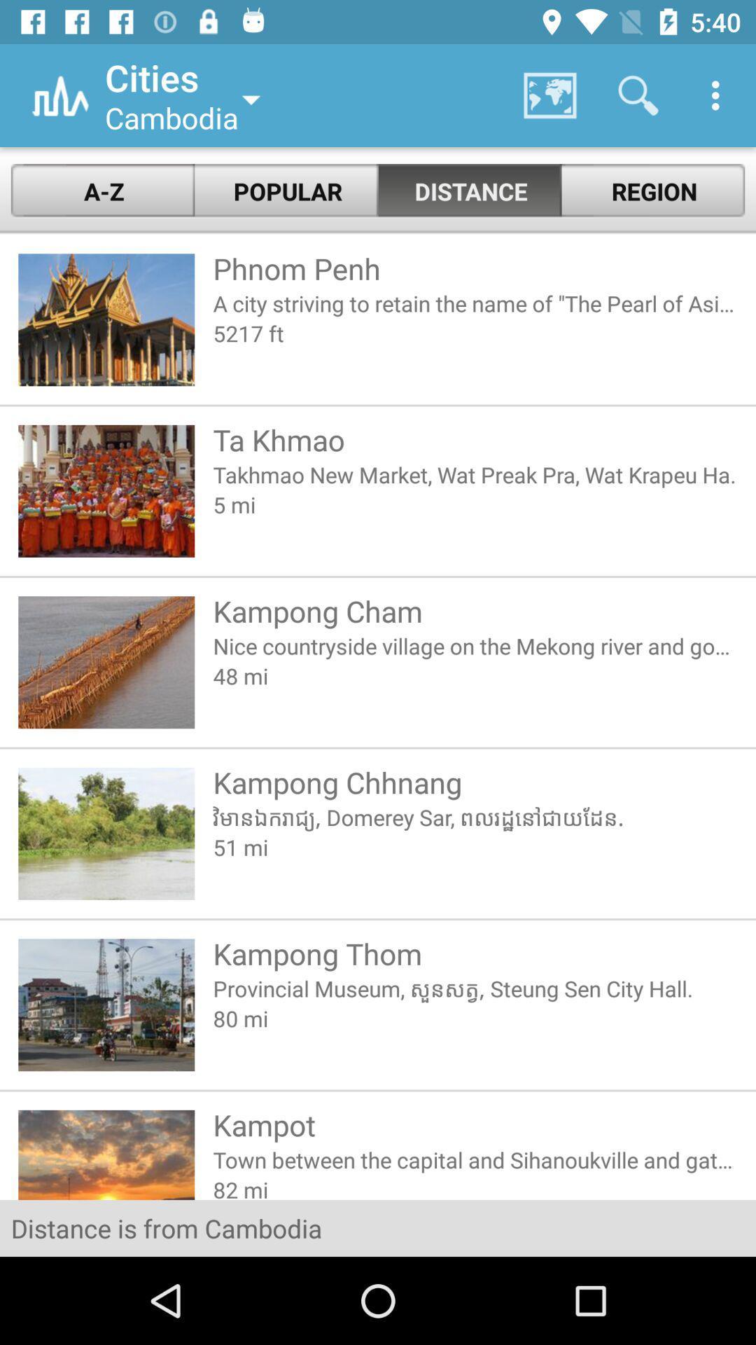  What do you see at coordinates (286, 191) in the screenshot?
I see `popular` at bounding box center [286, 191].